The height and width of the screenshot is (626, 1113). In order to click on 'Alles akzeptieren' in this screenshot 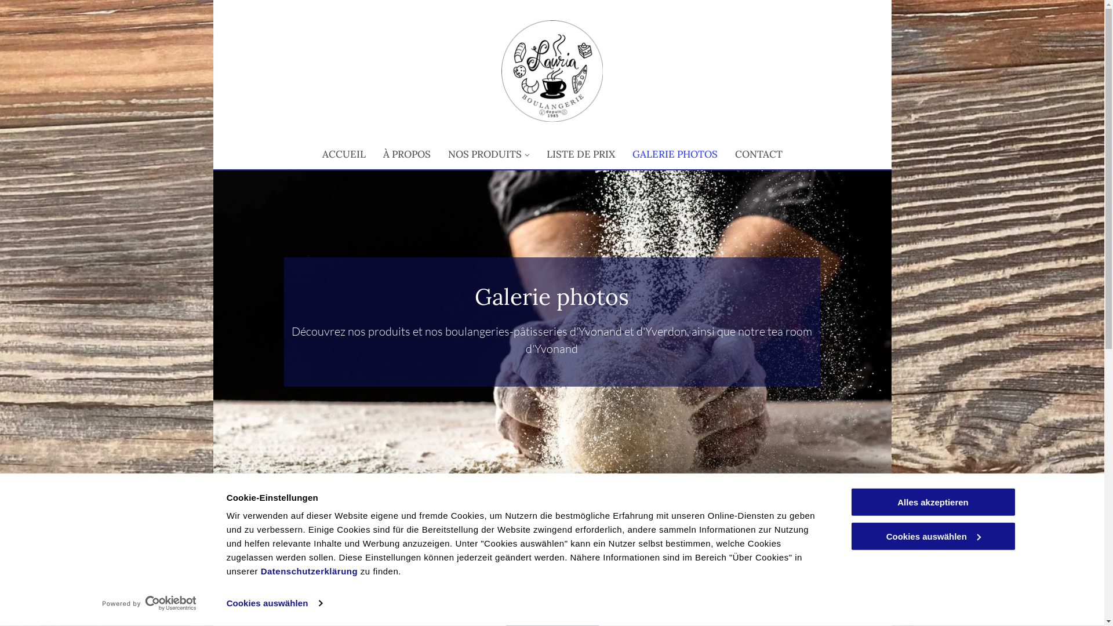, I will do `click(932, 501)`.